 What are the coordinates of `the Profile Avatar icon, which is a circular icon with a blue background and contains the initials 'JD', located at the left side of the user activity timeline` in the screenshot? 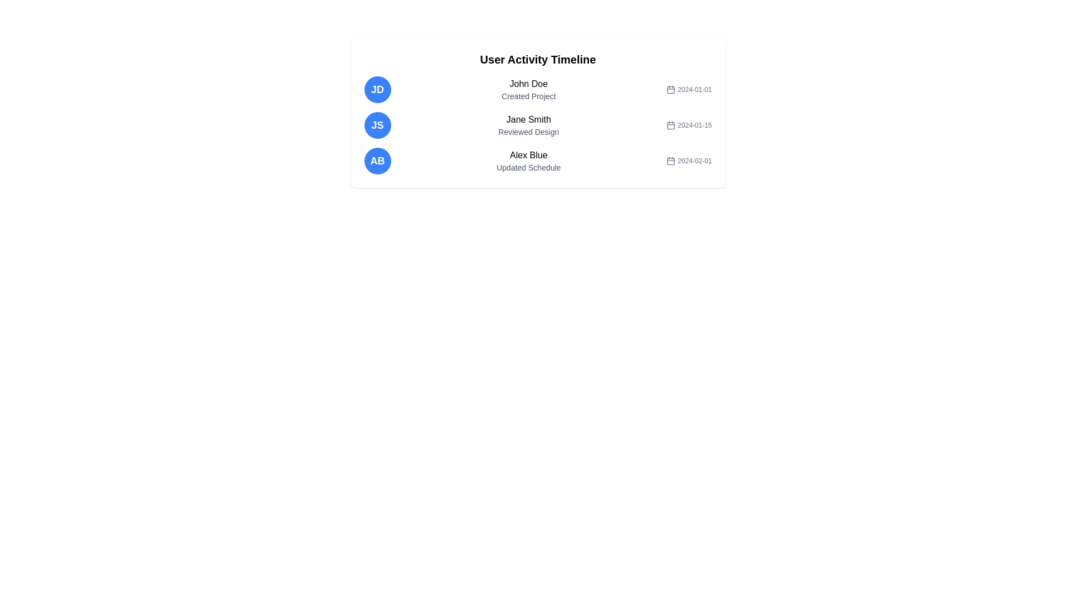 It's located at (377, 89).